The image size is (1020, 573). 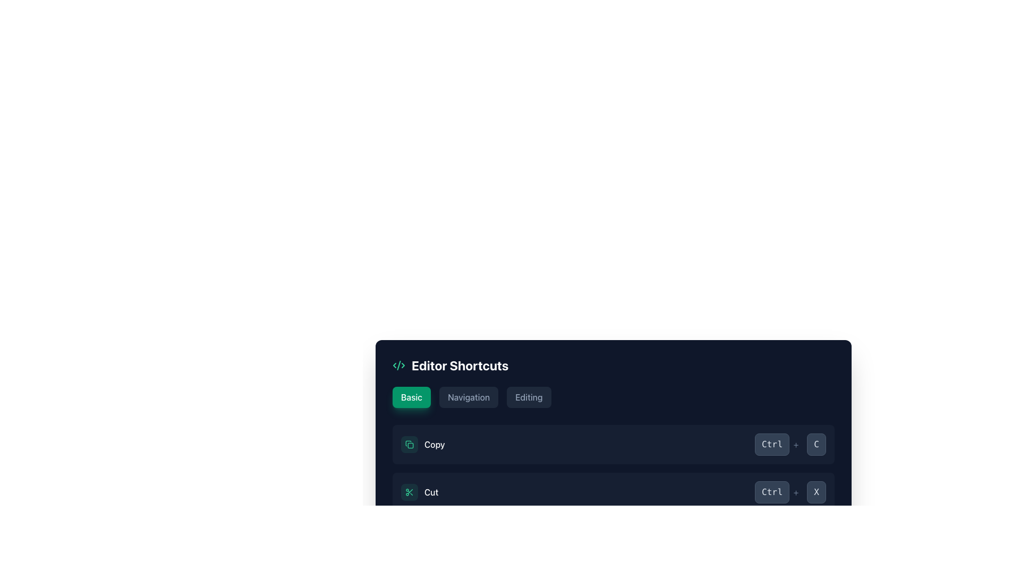 I want to click on the button positioned between the 'Basic' and 'Editing' buttons, so click(x=468, y=397).